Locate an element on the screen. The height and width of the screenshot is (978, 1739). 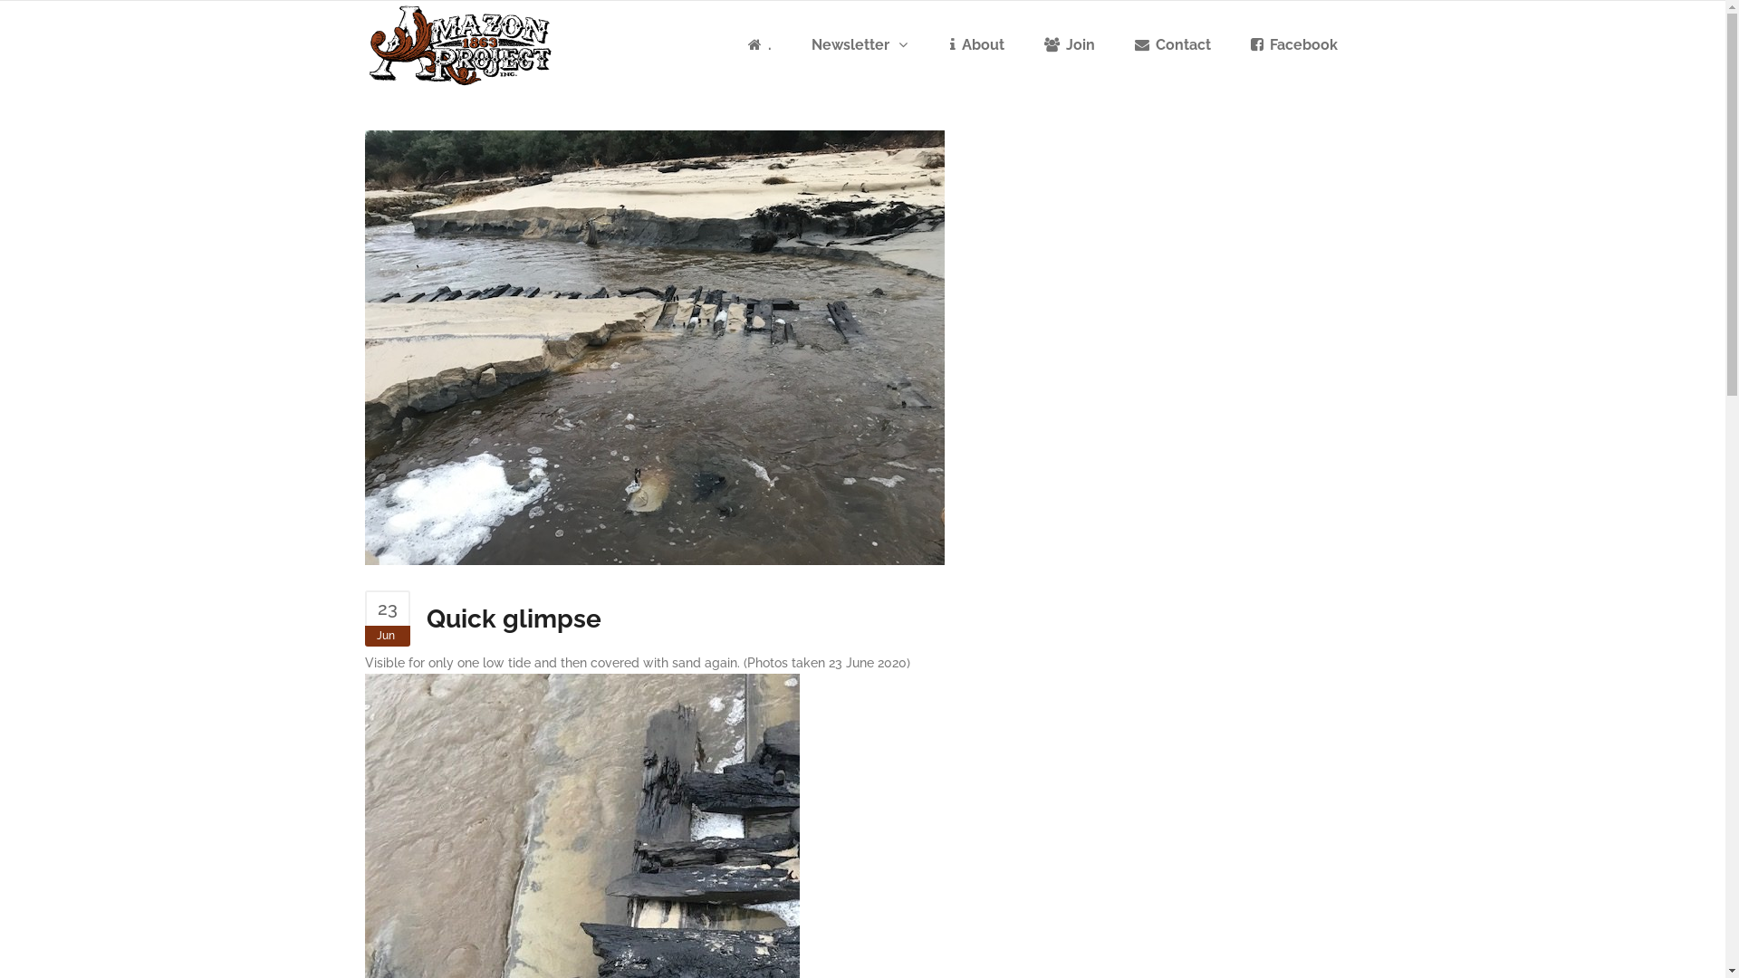
'Contact' is located at coordinates (1115, 44).